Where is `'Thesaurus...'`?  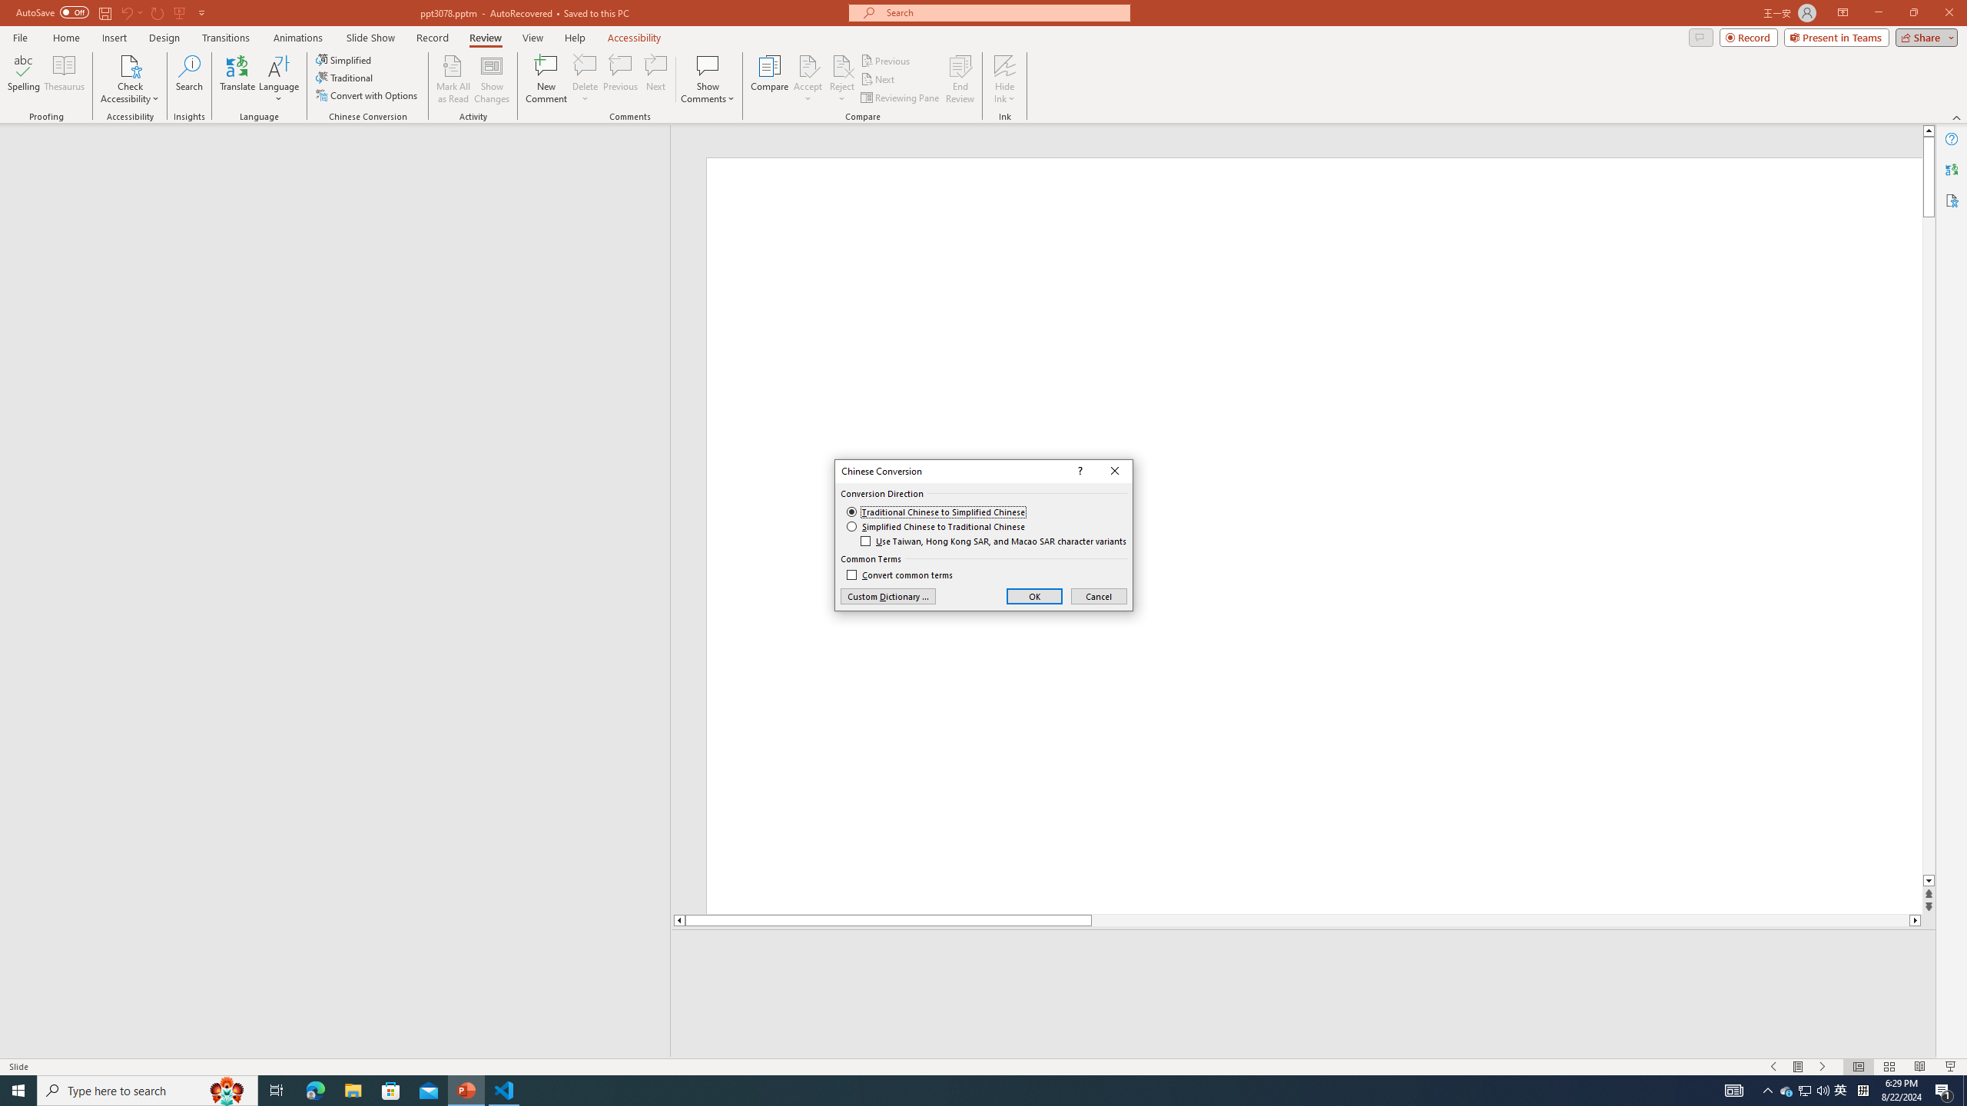 'Thesaurus...' is located at coordinates (63, 79).